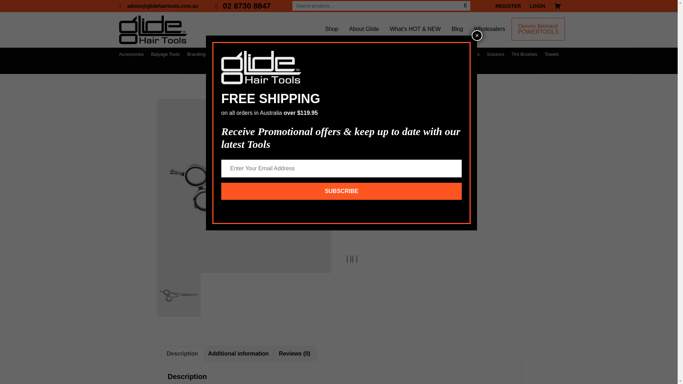 This screenshot has height=384, width=683. What do you see at coordinates (508, 6) in the screenshot?
I see `'REGISTER'` at bounding box center [508, 6].